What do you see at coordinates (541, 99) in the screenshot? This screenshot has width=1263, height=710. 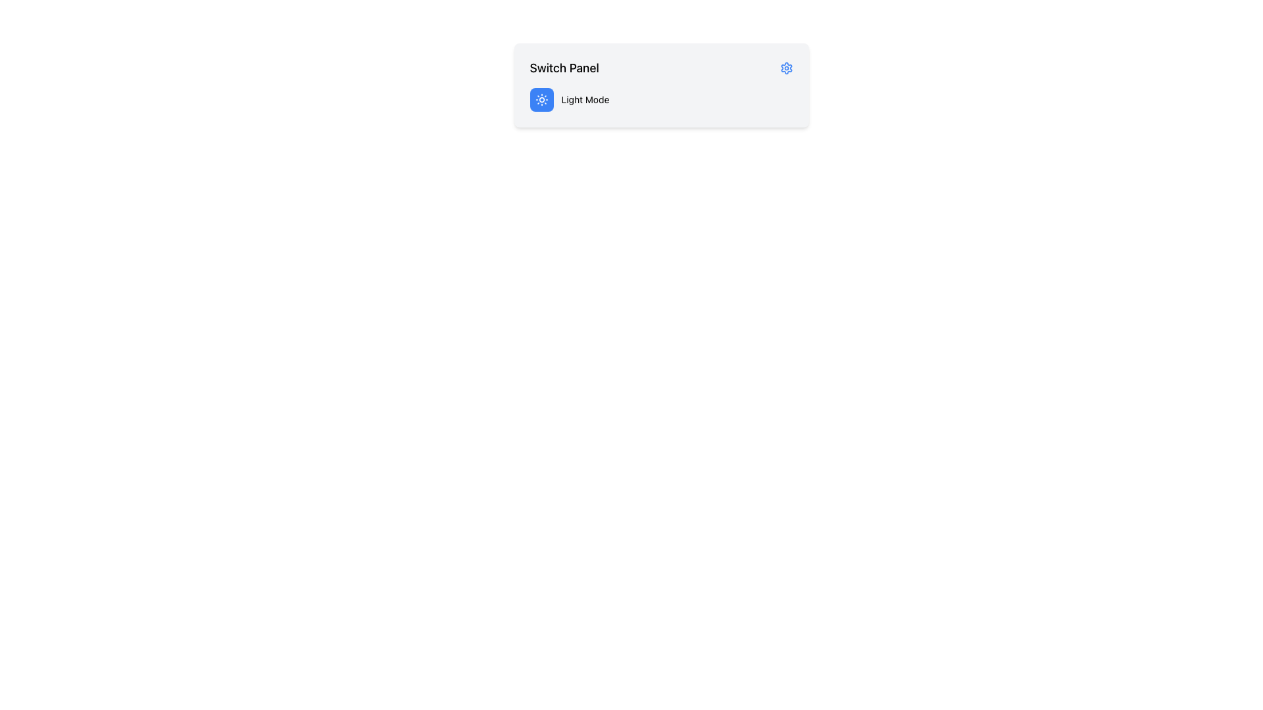 I see `the sun-shaped icon styled as a vector graphic, located within the 'Switch Panel' card inside a blue button, to the left of the 'Light Mode' text` at bounding box center [541, 99].